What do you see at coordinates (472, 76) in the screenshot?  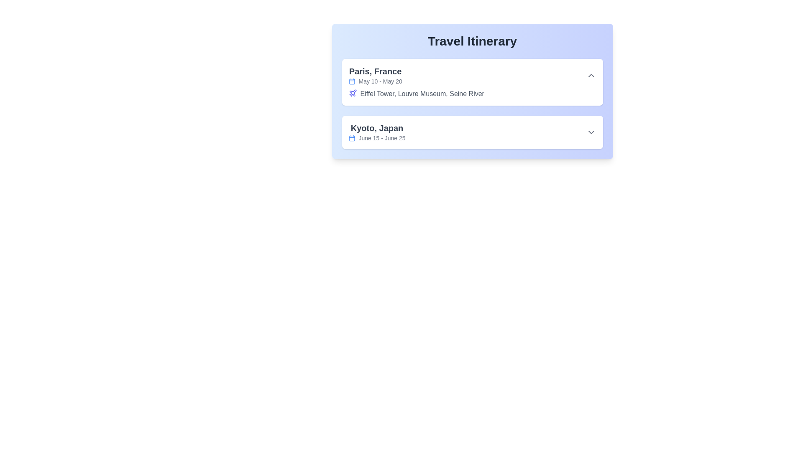 I see `the itinerary title for Paris, France to toggle its details` at bounding box center [472, 76].